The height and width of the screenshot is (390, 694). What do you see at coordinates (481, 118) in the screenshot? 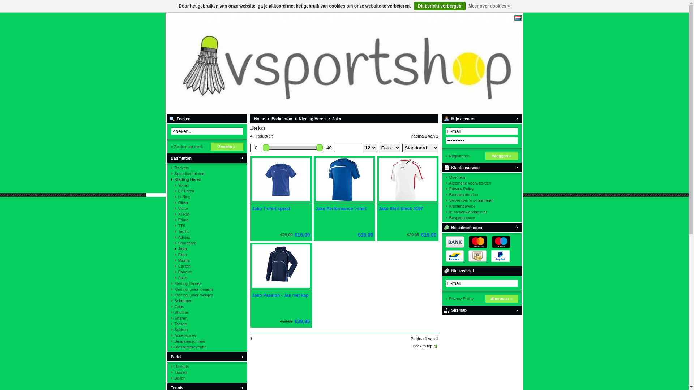
I see `'Mijn account'` at bounding box center [481, 118].